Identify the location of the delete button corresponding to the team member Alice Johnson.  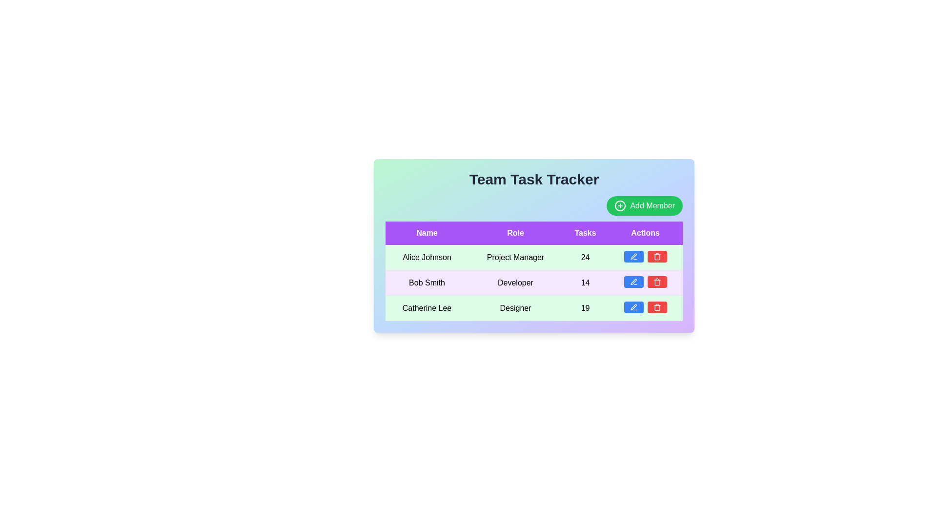
(657, 256).